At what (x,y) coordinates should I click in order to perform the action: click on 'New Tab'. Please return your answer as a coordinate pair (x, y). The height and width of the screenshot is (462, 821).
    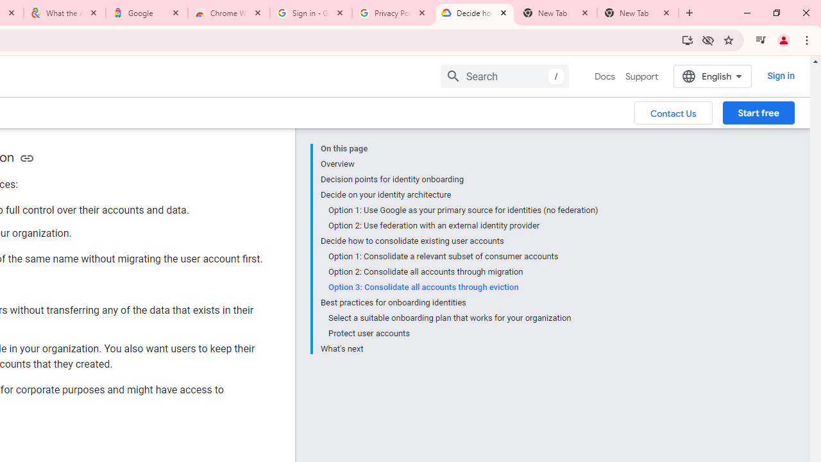
    Looking at the image, I should click on (638, 13).